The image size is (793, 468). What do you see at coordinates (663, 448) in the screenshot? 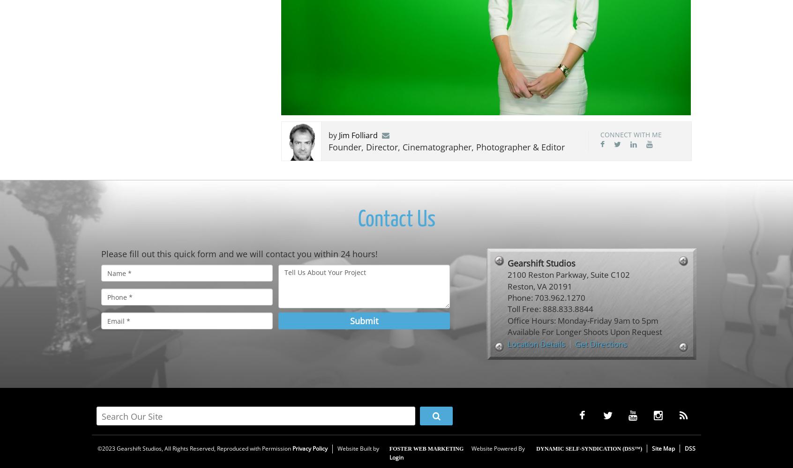
I see `'Site Map'` at bounding box center [663, 448].